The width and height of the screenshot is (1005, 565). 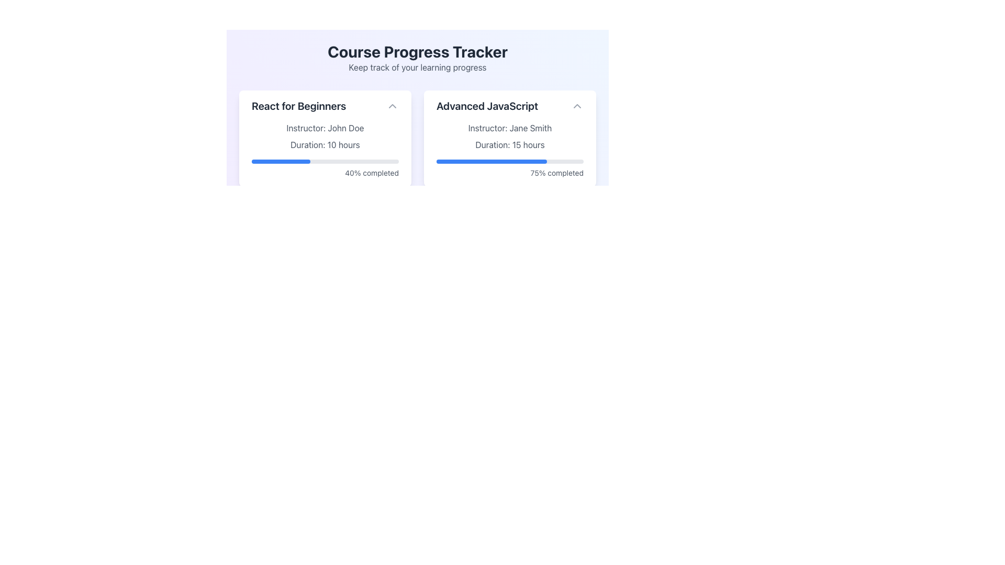 What do you see at coordinates (325, 128) in the screenshot?
I see `the static text label displaying the instructor's name for the course, which is positioned after the title 'React for Beginners' and before the text 'Duration: 10 hours'` at bounding box center [325, 128].